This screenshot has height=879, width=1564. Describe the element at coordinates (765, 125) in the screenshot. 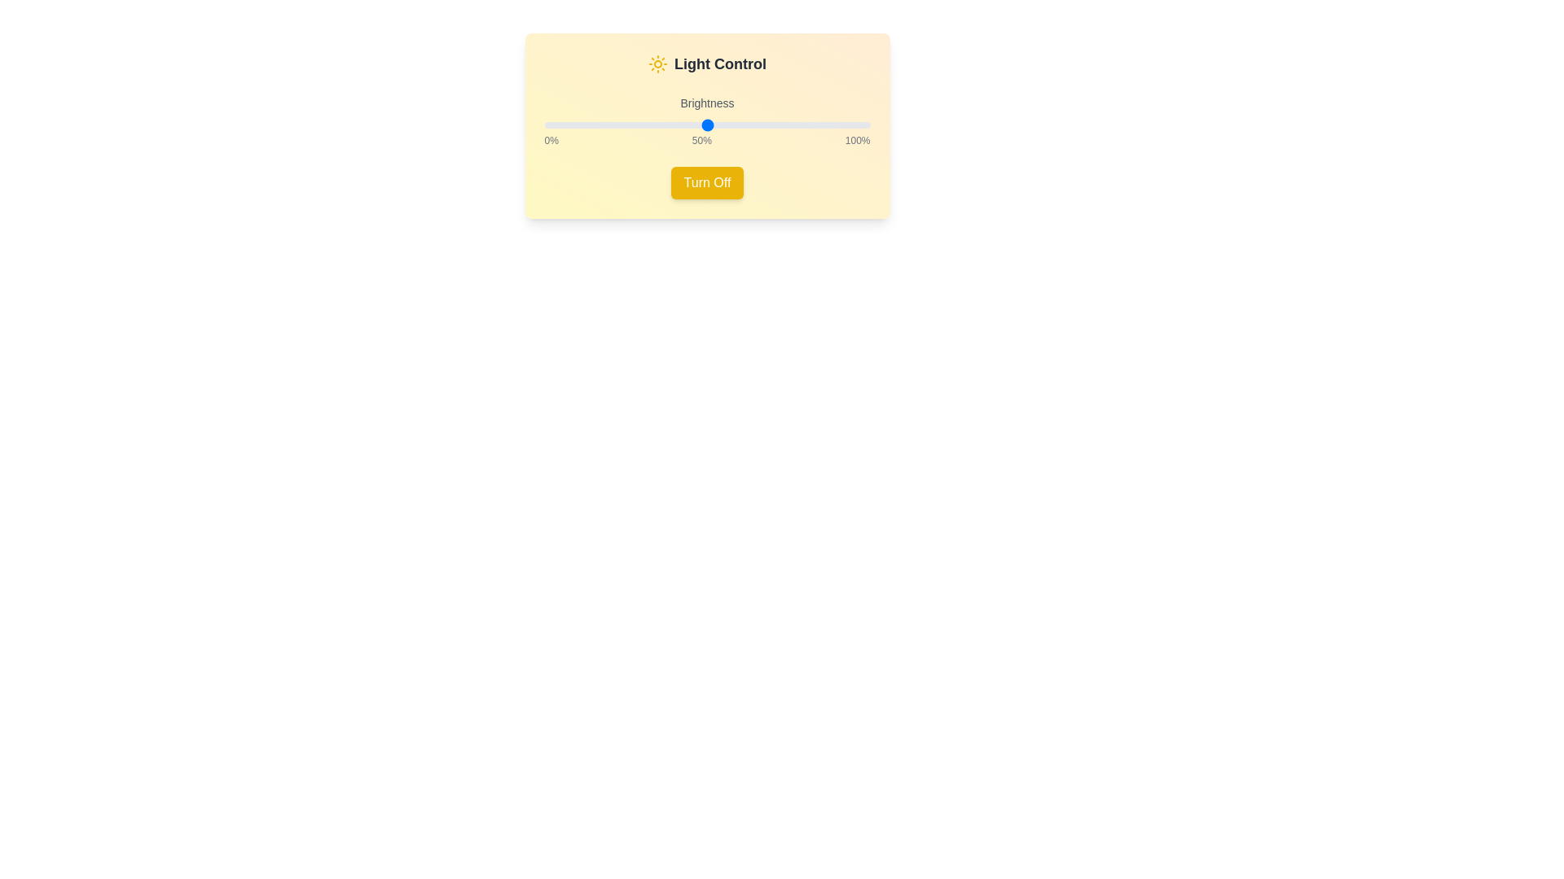

I see `the brightness level` at that location.